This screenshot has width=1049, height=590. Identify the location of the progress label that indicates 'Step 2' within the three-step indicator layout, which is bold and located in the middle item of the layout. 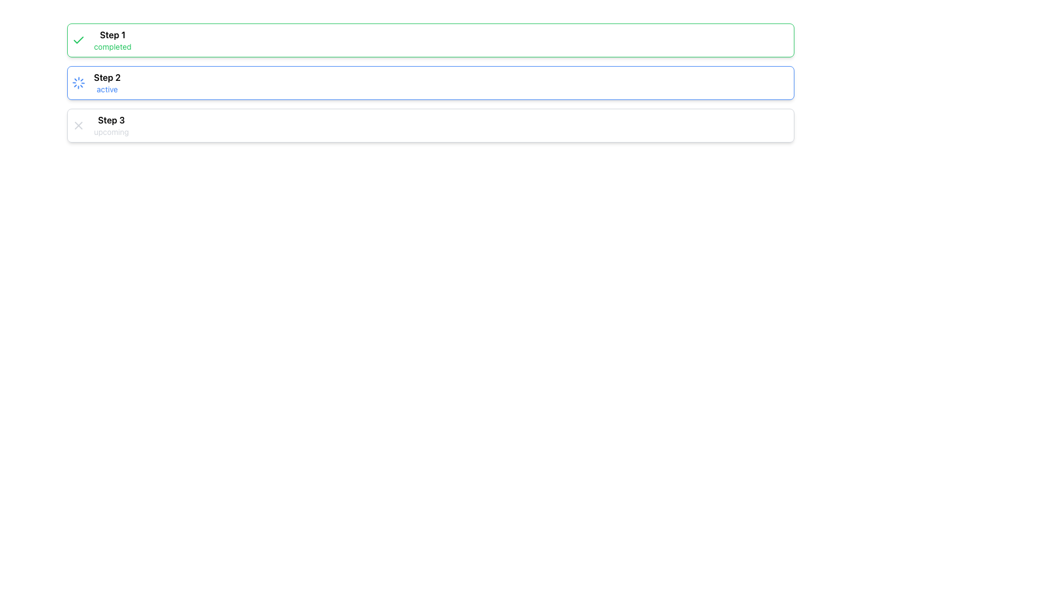
(107, 77).